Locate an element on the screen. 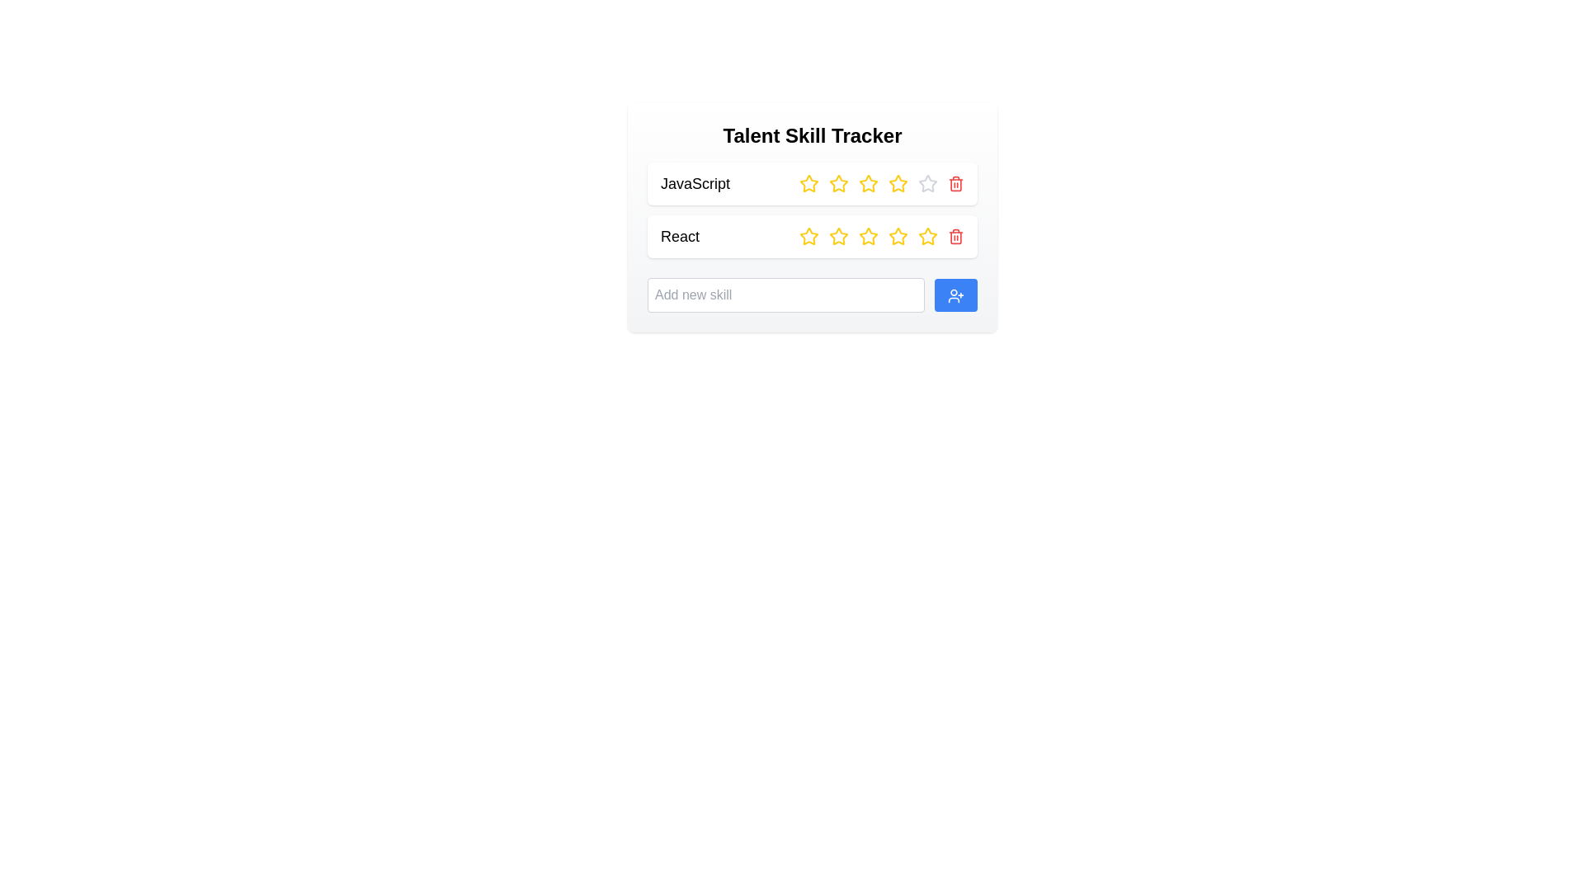  the fifth star icon in the rating row associated with the 'React' skill is located at coordinates (867, 236).